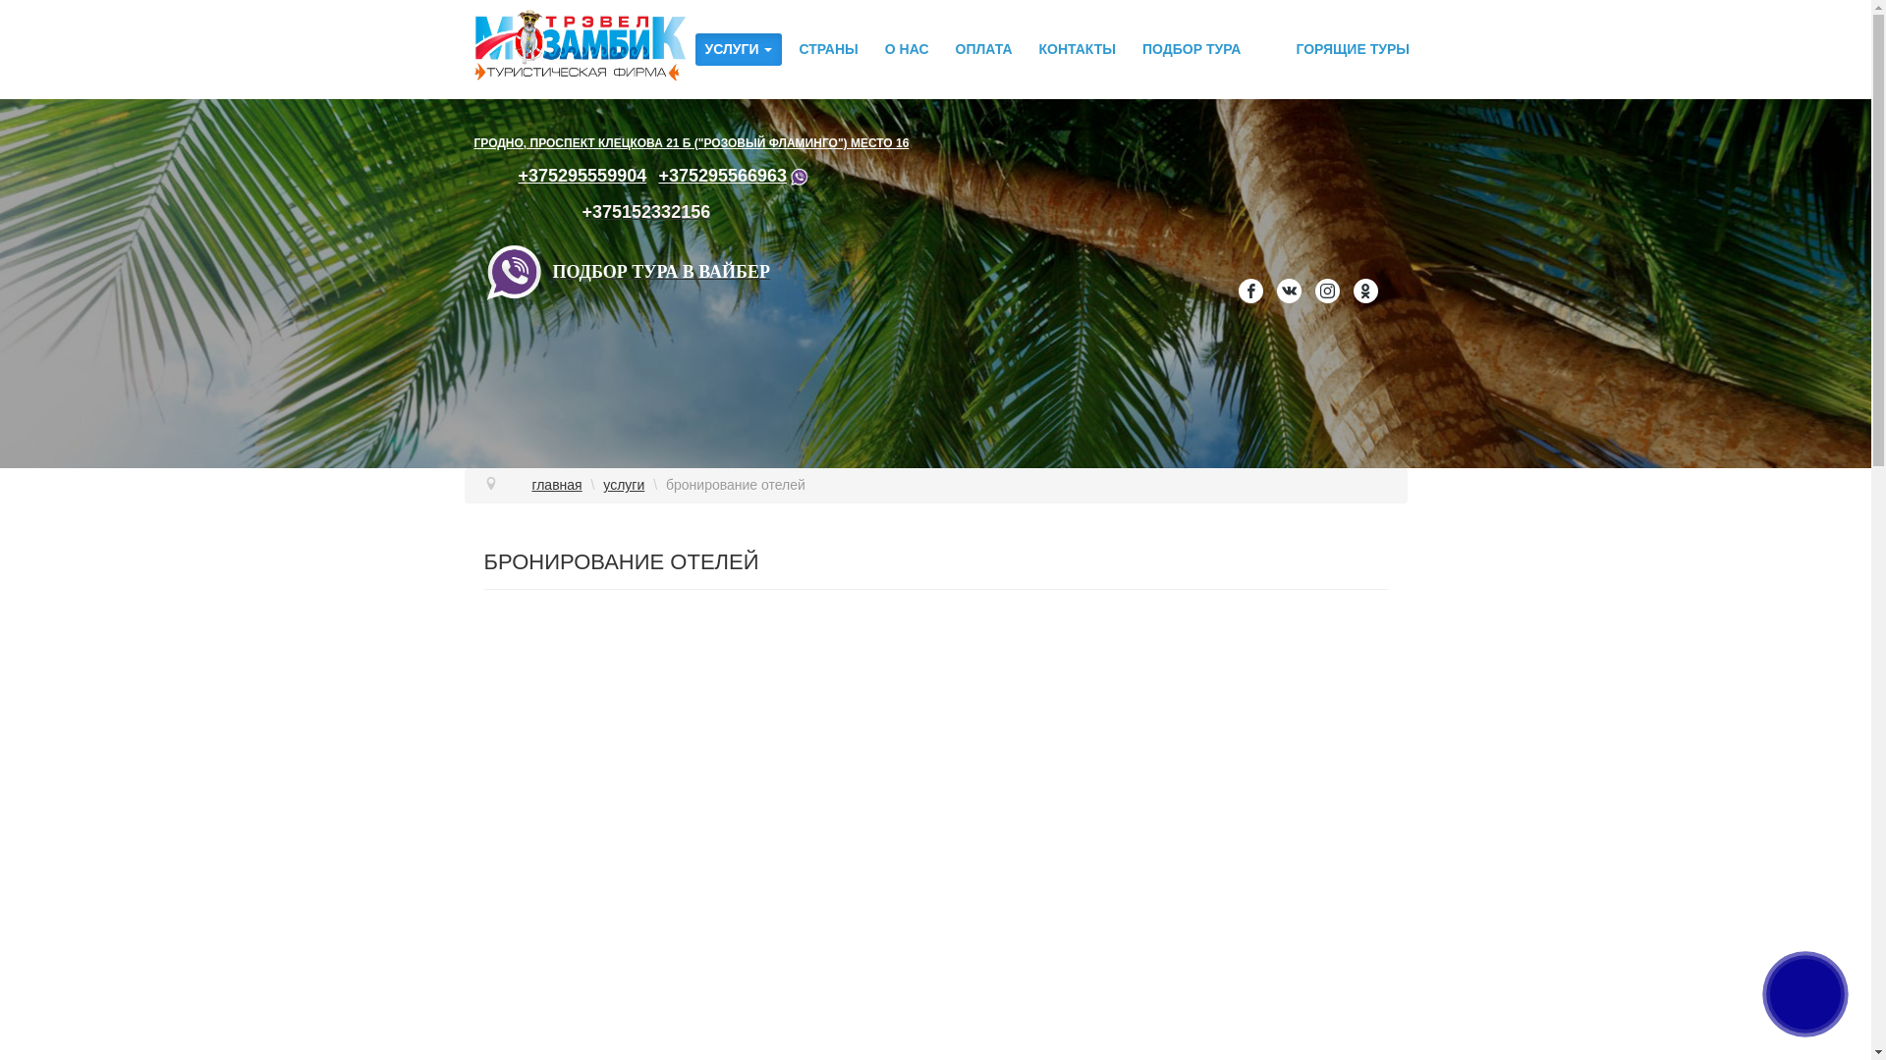 This screenshot has width=1886, height=1060. What do you see at coordinates (646, 212) in the screenshot?
I see `'+375152332156'` at bounding box center [646, 212].